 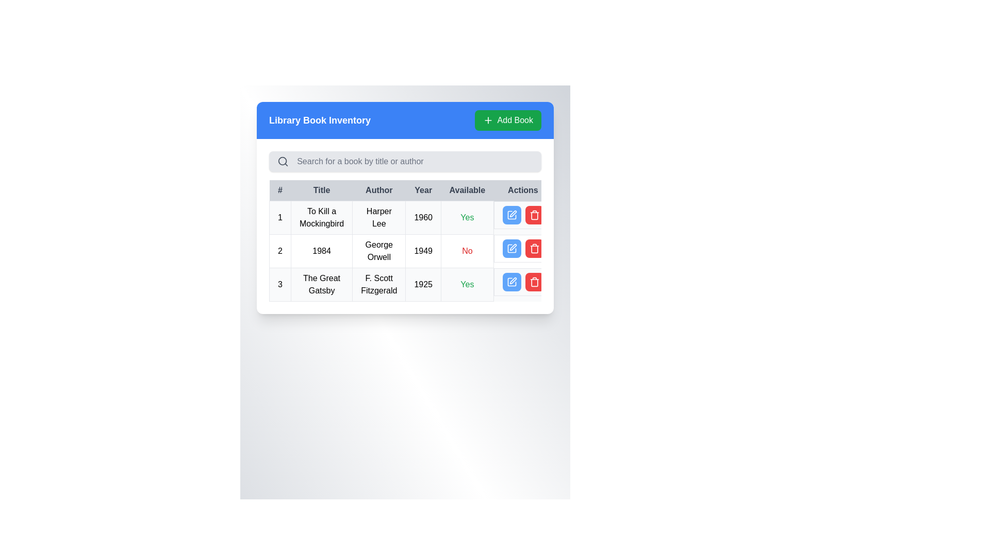 I want to click on the first button in the 'Actions' column of the last row of the table for the book 'The Great Gatsby', which is positioned to the left of the red 'delete' button, so click(x=511, y=282).